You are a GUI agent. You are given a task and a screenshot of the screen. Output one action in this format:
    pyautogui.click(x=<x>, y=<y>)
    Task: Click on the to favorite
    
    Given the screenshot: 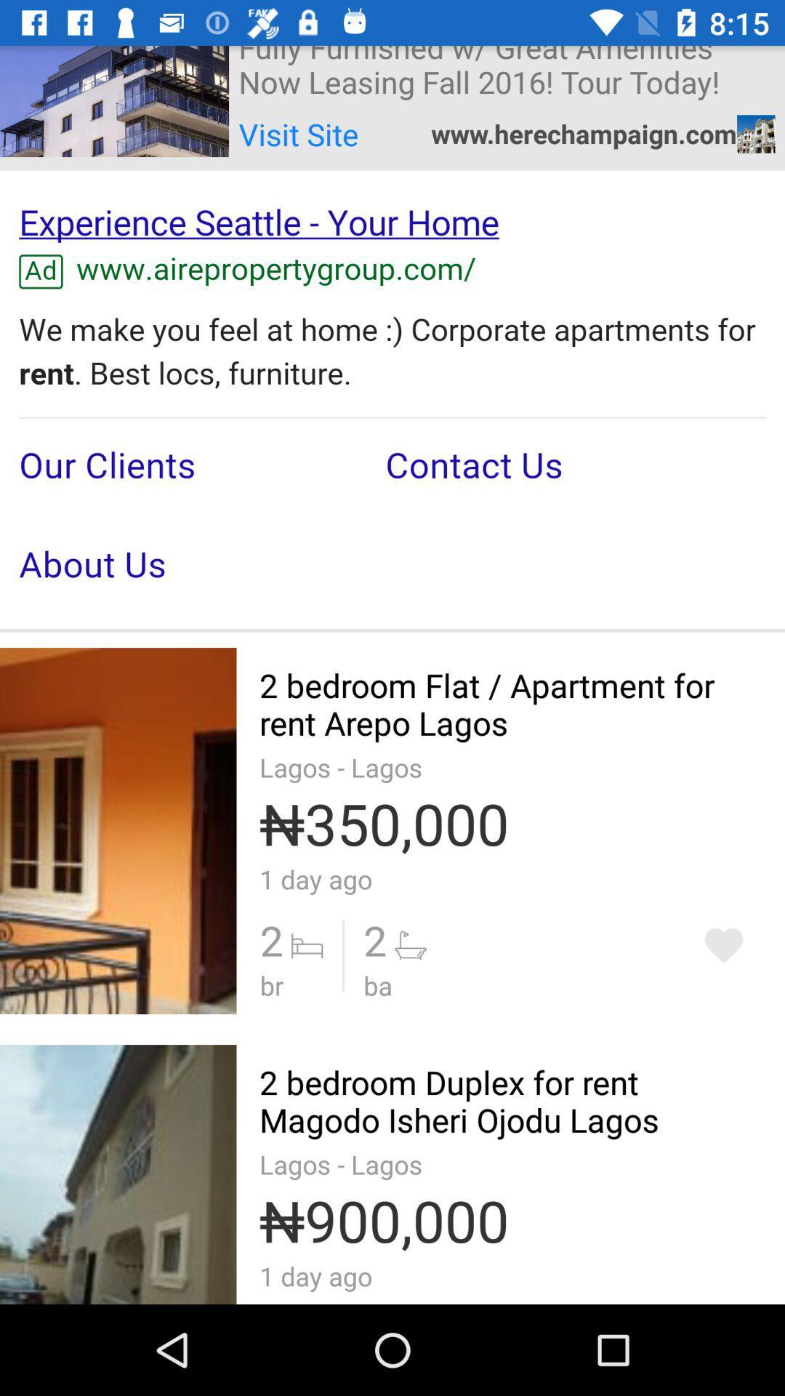 What is the action you would take?
    pyautogui.click(x=723, y=945)
    